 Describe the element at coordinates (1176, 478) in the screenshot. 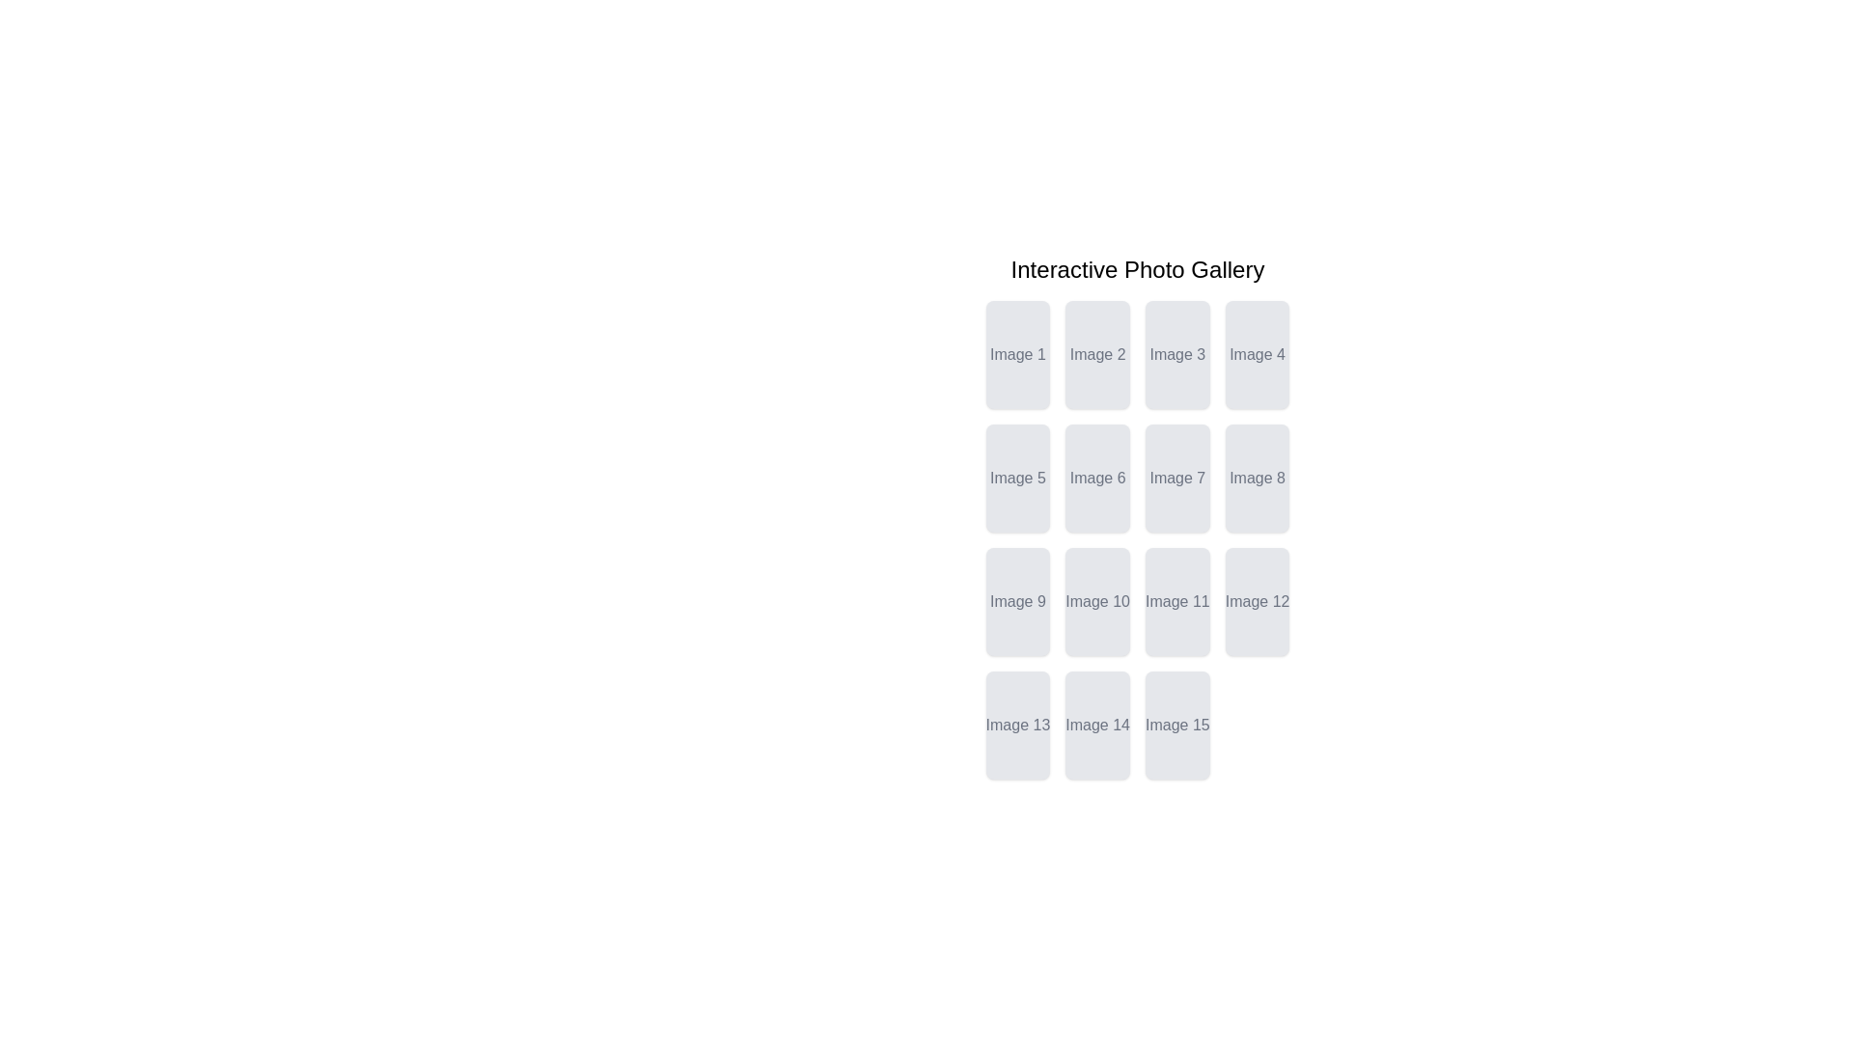

I see `the static display card labeled 'Image 7', which is the third card in the second row of the grid layout in the photo gallery` at that location.